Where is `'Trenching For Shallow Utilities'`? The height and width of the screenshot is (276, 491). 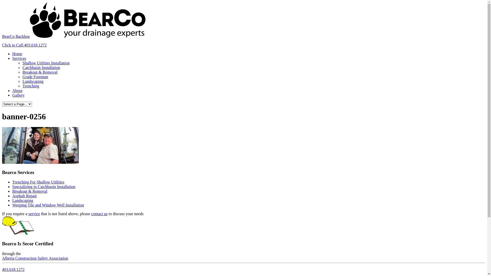 'Trenching For Shallow Utilities' is located at coordinates (38, 182).